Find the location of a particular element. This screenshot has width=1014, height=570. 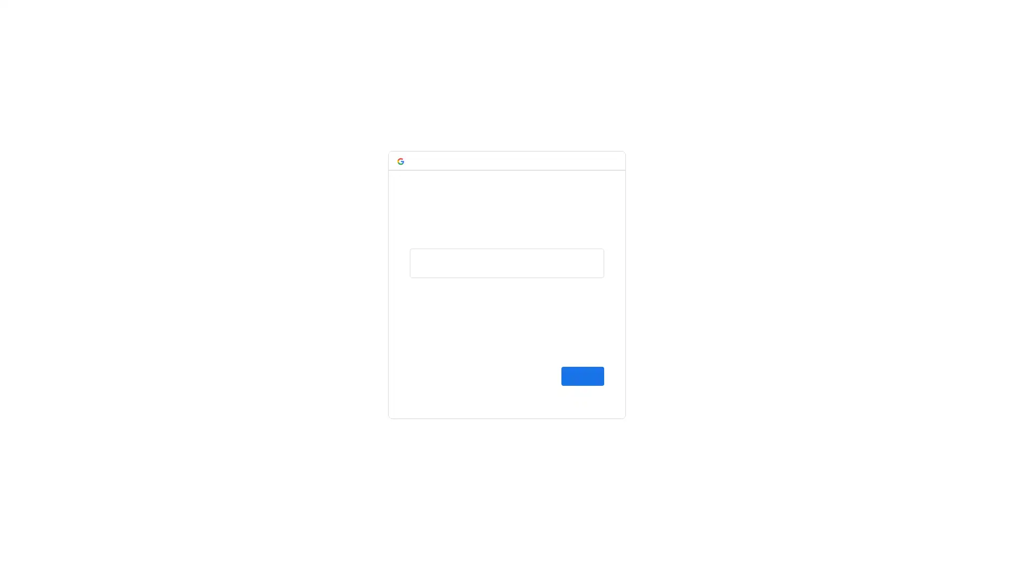

Create account is located at coordinates (437, 376).